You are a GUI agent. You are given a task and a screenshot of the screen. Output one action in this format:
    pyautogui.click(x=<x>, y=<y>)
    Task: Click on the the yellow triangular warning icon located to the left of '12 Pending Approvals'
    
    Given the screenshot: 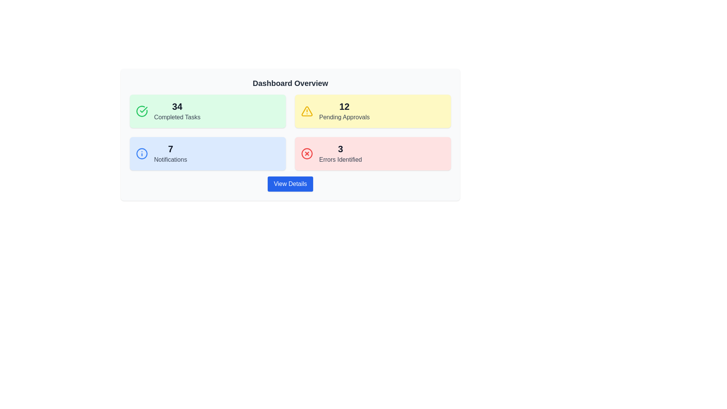 What is the action you would take?
    pyautogui.click(x=307, y=111)
    